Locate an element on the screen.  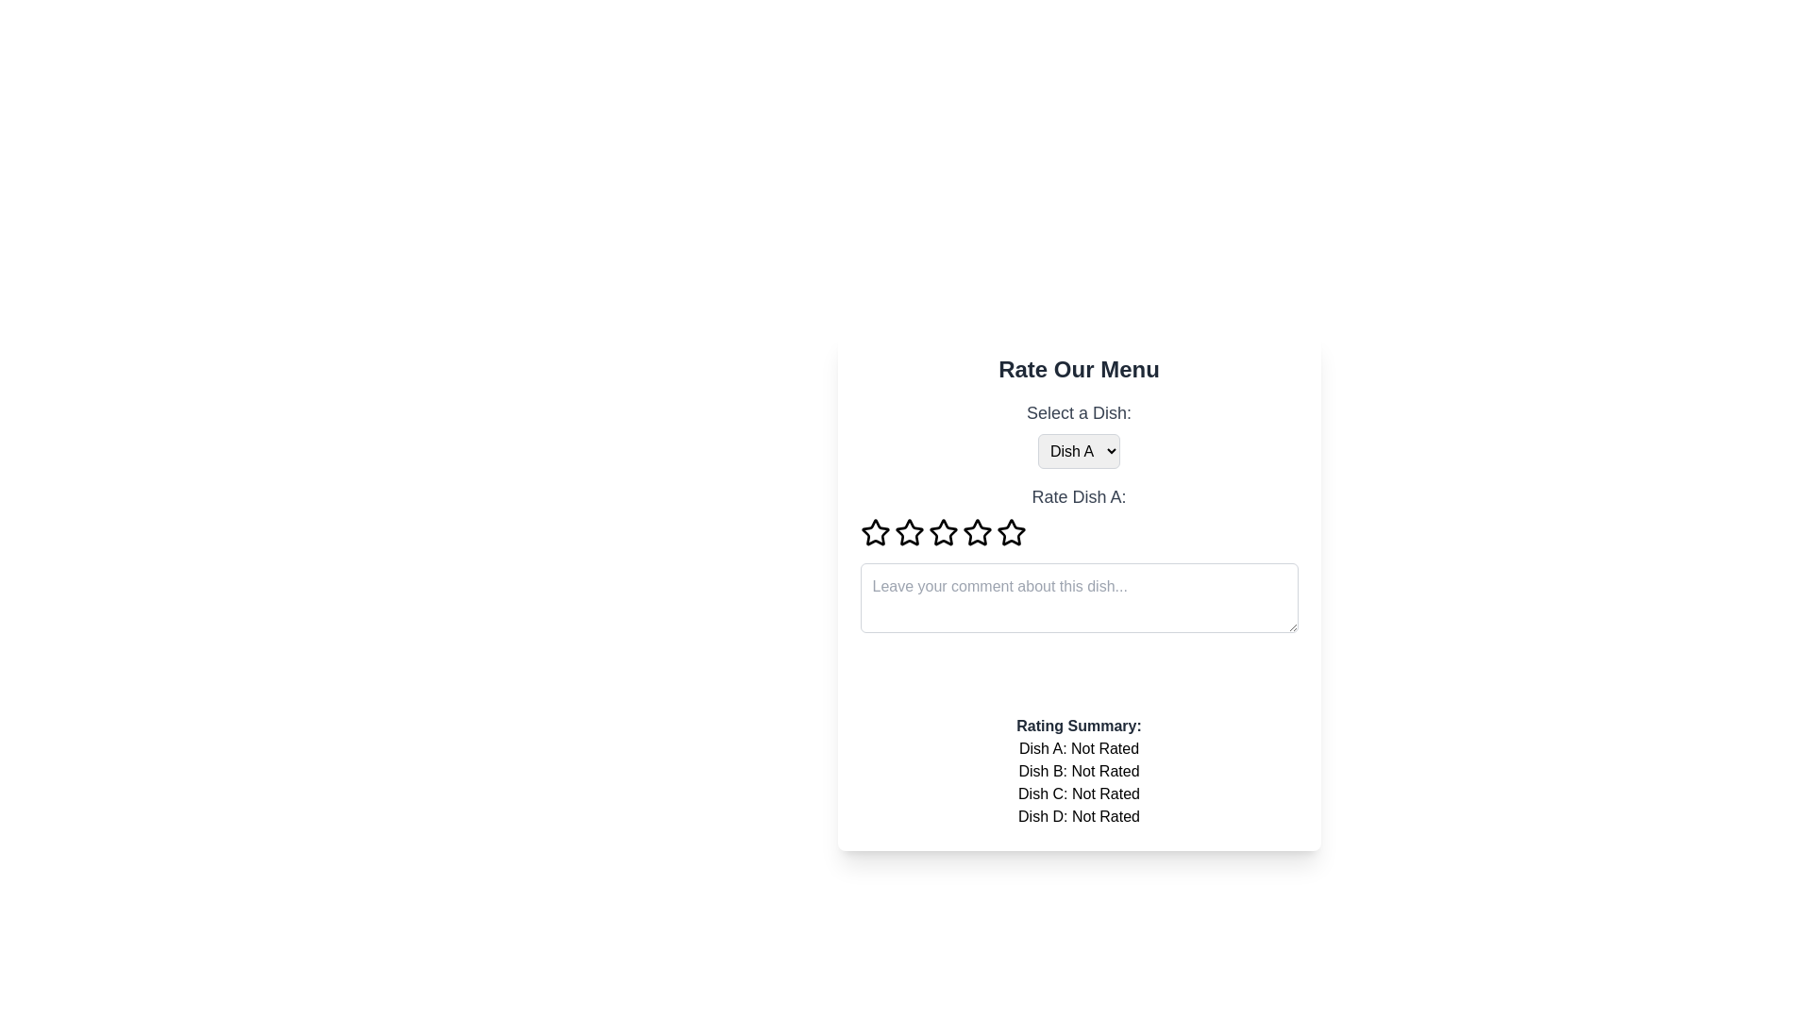
the first star-shaped rating icon, which is outlined in black and filled with white is located at coordinates (874, 532).